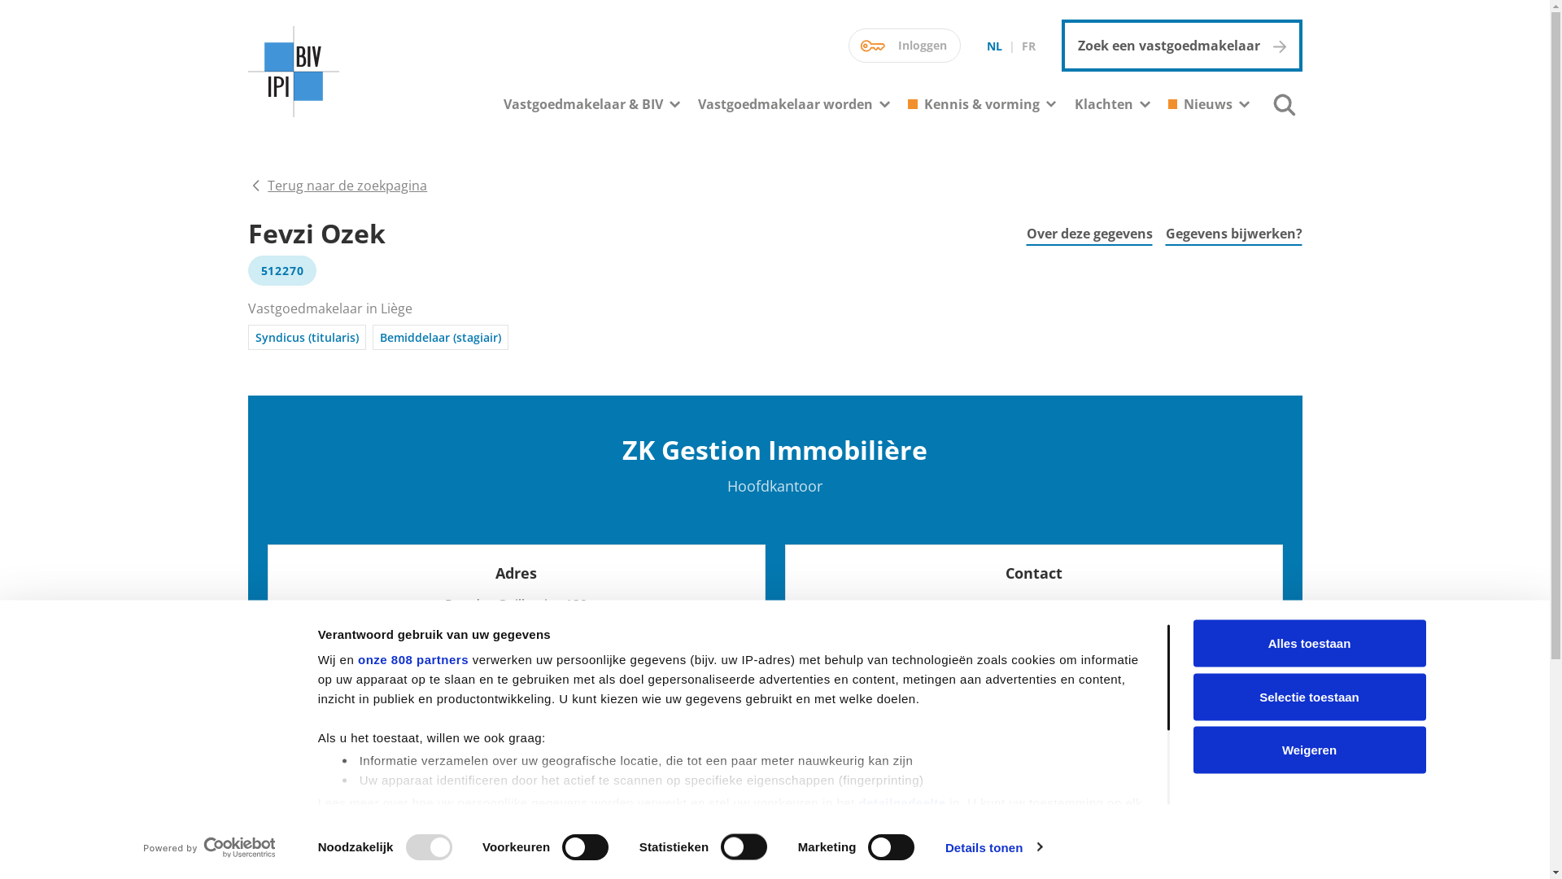 The height and width of the screenshot is (879, 1562). Describe the element at coordinates (1207, 103) in the screenshot. I see `'Nieuws'` at that location.